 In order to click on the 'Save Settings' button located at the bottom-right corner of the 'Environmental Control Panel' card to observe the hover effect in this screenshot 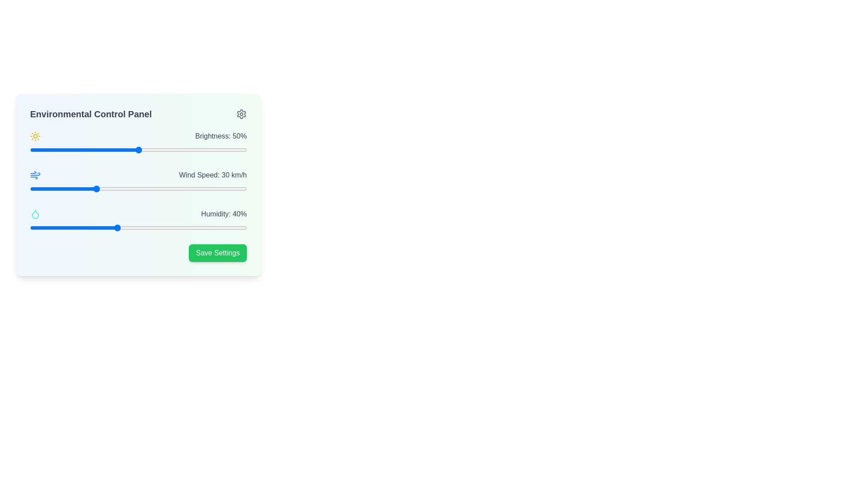, I will do `click(218, 253)`.